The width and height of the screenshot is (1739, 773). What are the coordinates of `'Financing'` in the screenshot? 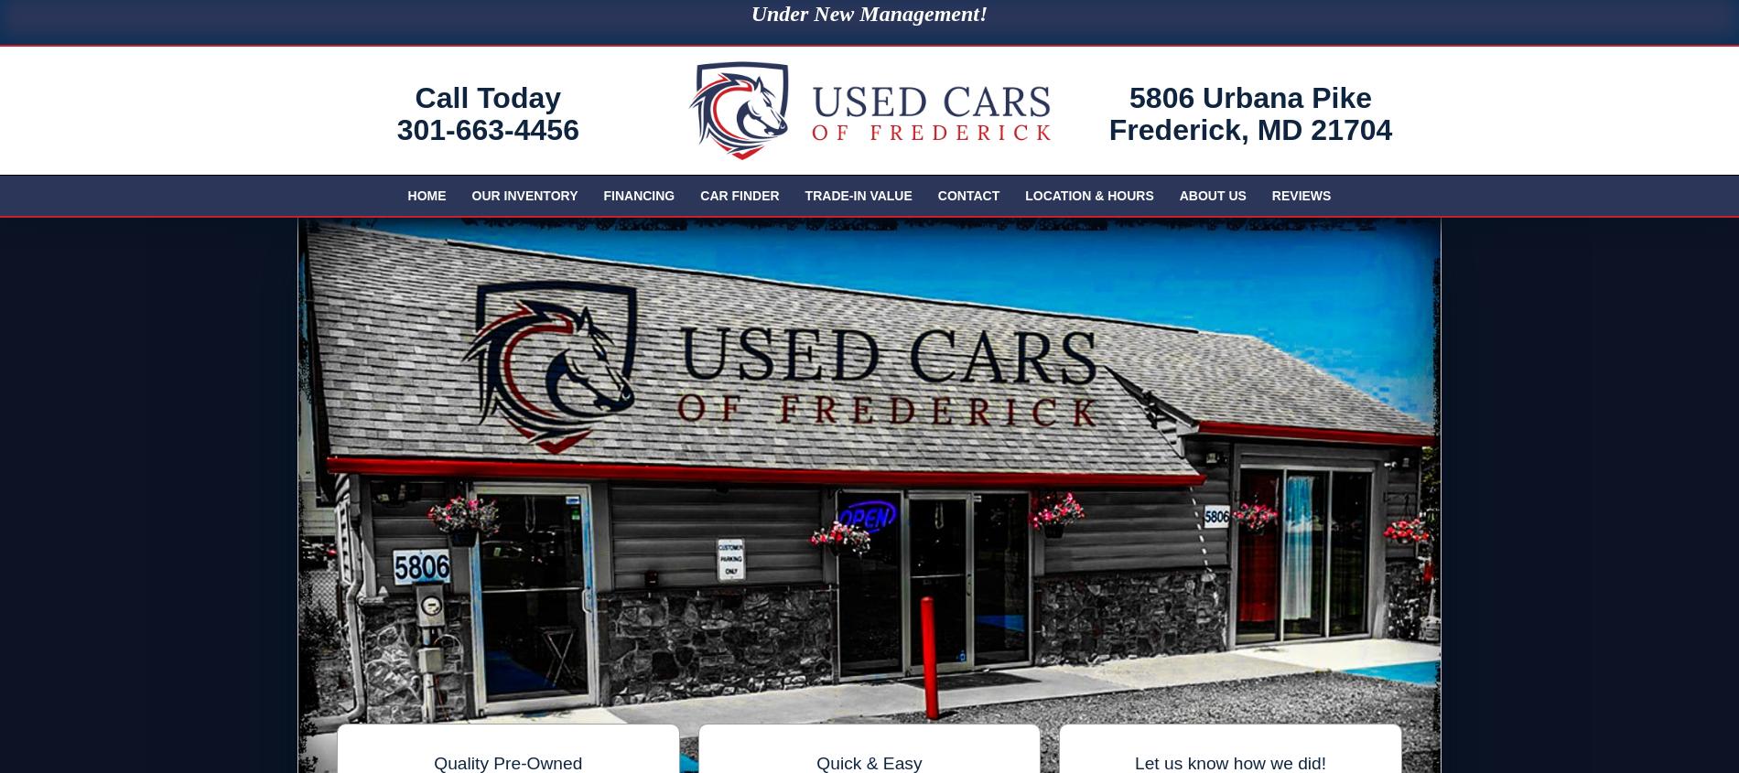 It's located at (602, 195).